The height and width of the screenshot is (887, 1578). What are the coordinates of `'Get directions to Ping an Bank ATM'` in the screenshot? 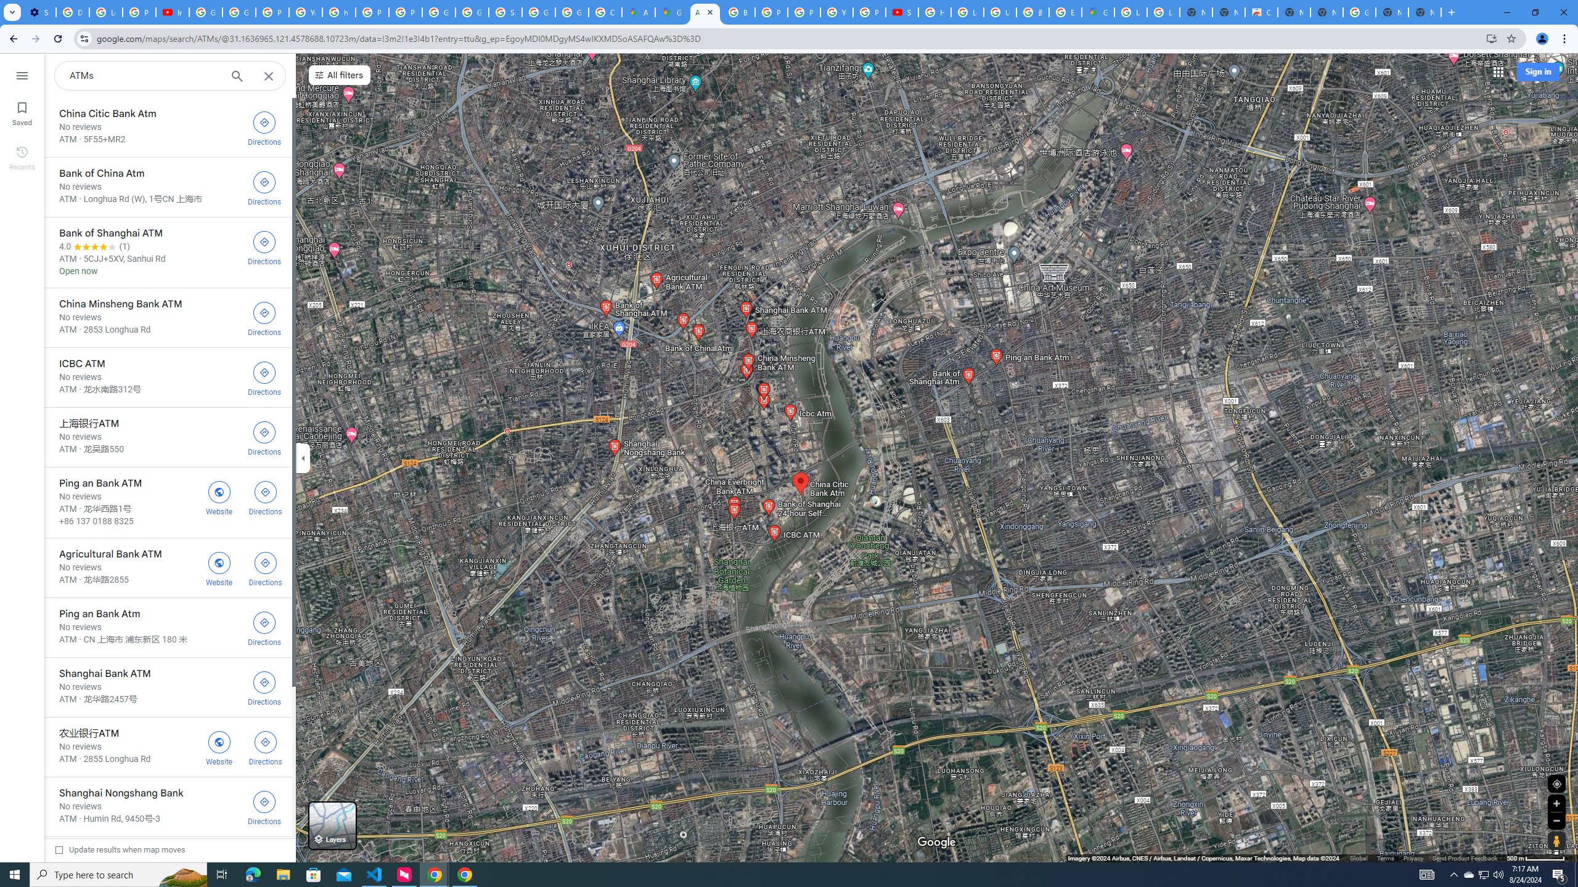 It's located at (266, 497).